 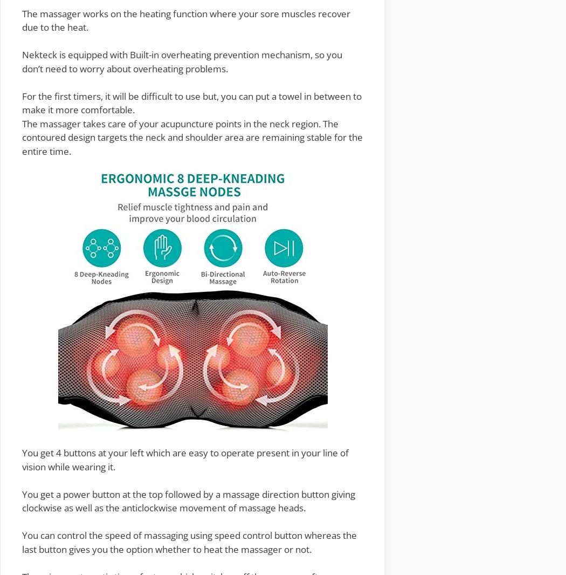 I want to click on 'You get', so click(x=21, y=453).